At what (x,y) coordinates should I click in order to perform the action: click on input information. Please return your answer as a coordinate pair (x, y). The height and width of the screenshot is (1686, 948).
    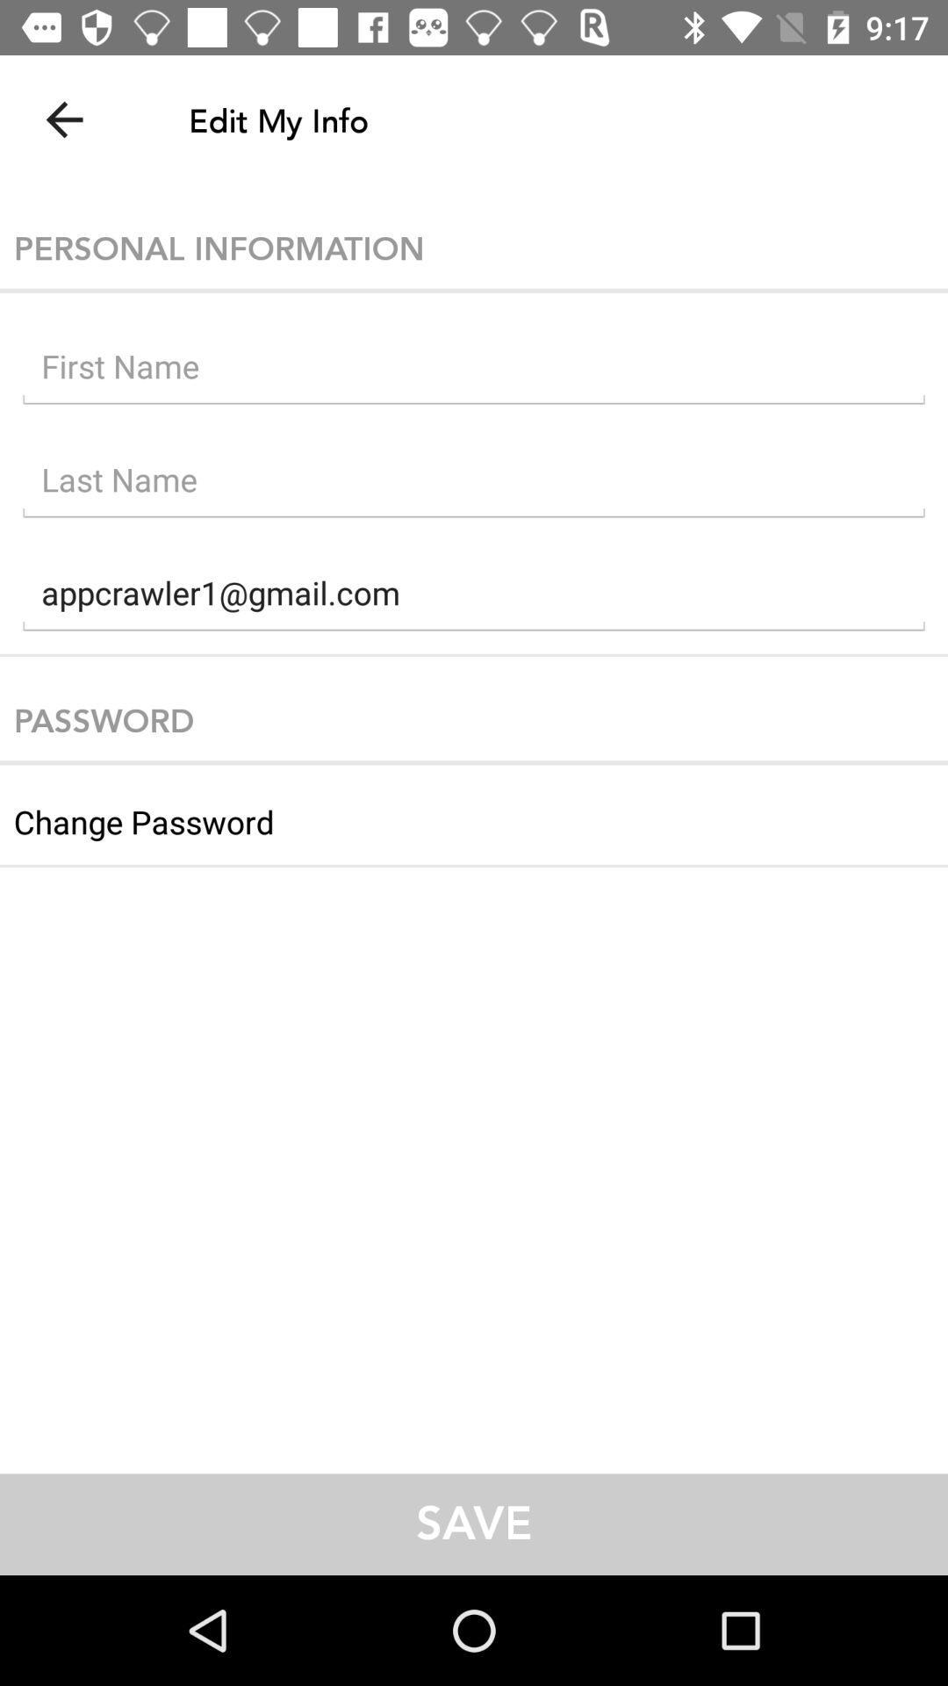
    Looking at the image, I should click on (474, 370).